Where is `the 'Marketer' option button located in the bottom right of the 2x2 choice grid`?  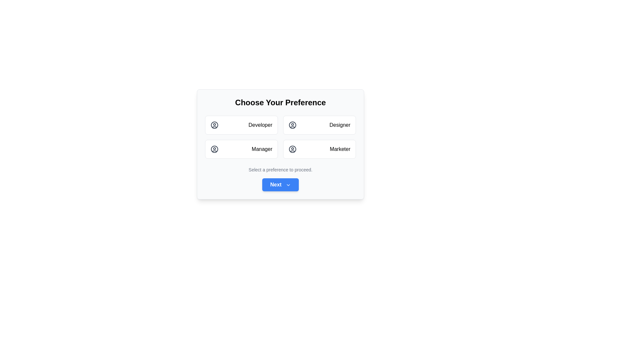
the 'Marketer' option button located in the bottom right of the 2x2 choice grid is located at coordinates (319, 149).